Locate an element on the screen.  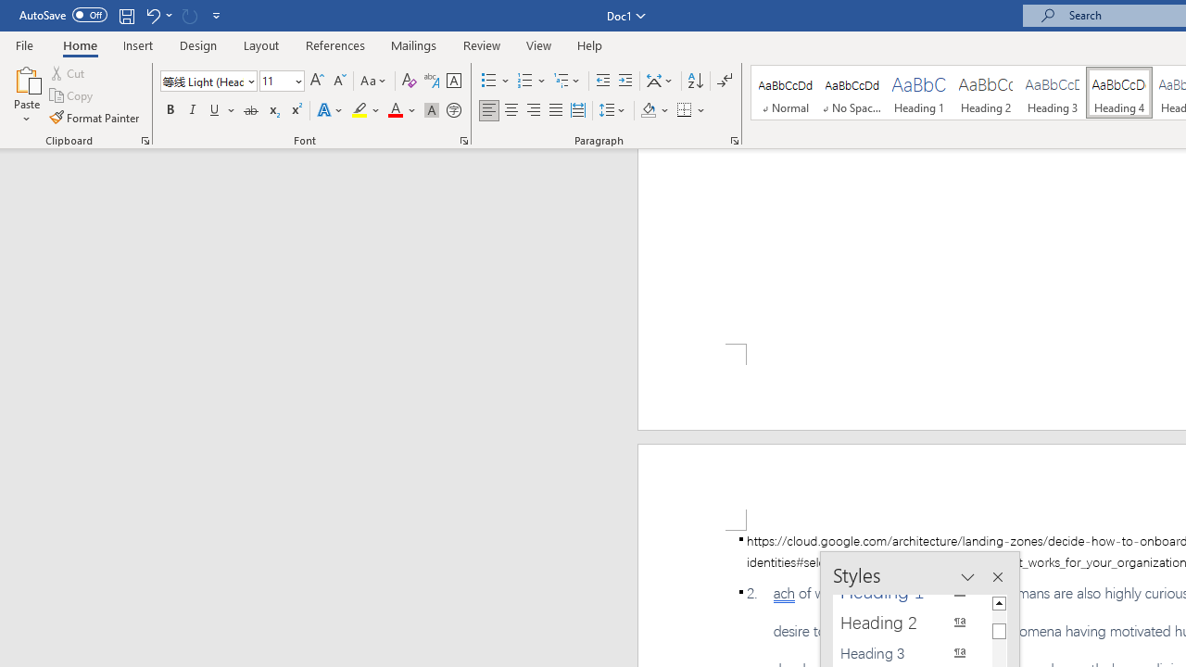
'Shading RGB(0, 0, 0)' is located at coordinates (648, 110).